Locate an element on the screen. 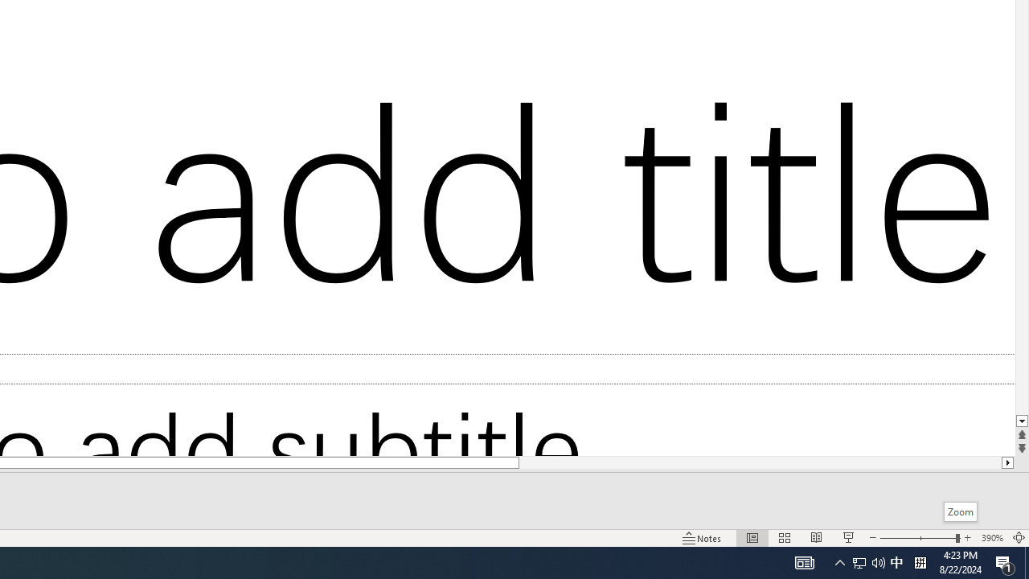 The image size is (1029, 579). 'Zoom 390%' is located at coordinates (991, 538).